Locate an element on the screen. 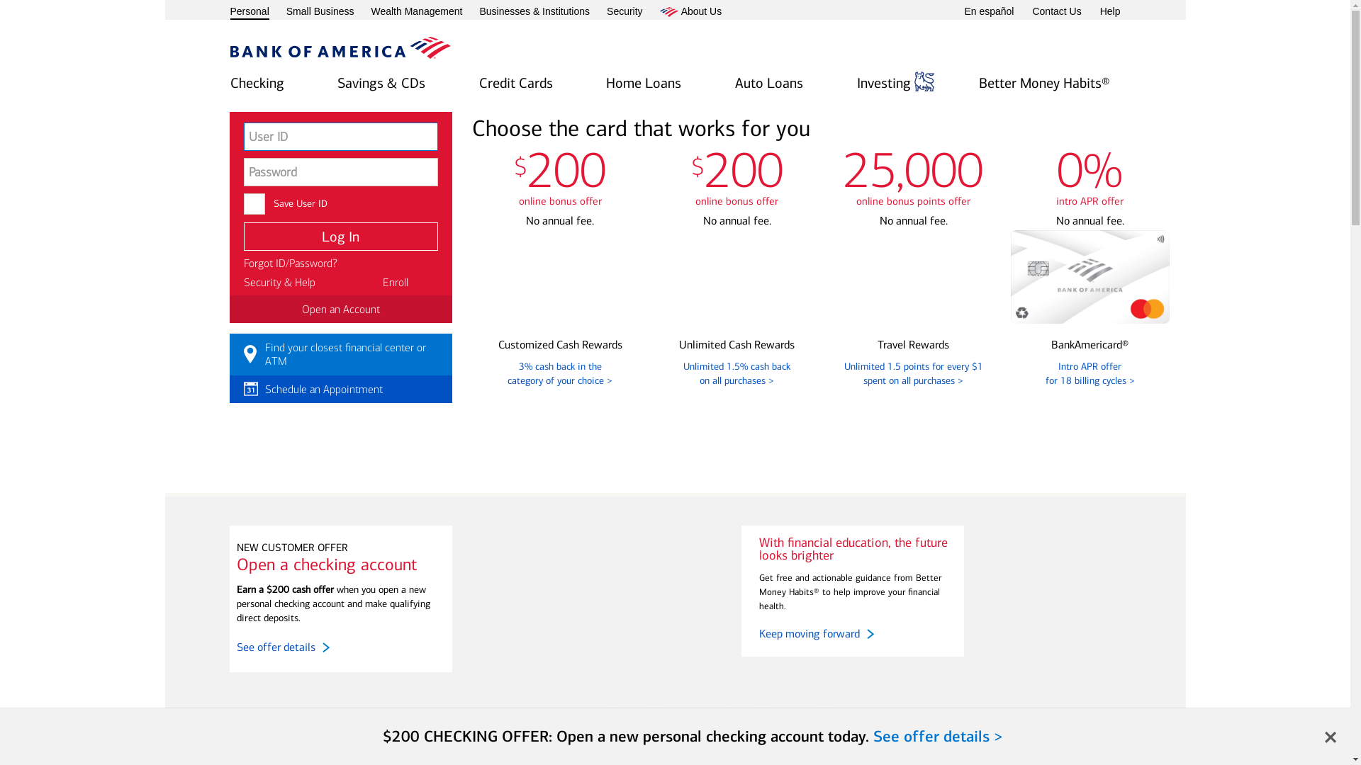 The width and height of the screenshot is (1361, 765). 'Help' is located at coordinates (1099, 11).